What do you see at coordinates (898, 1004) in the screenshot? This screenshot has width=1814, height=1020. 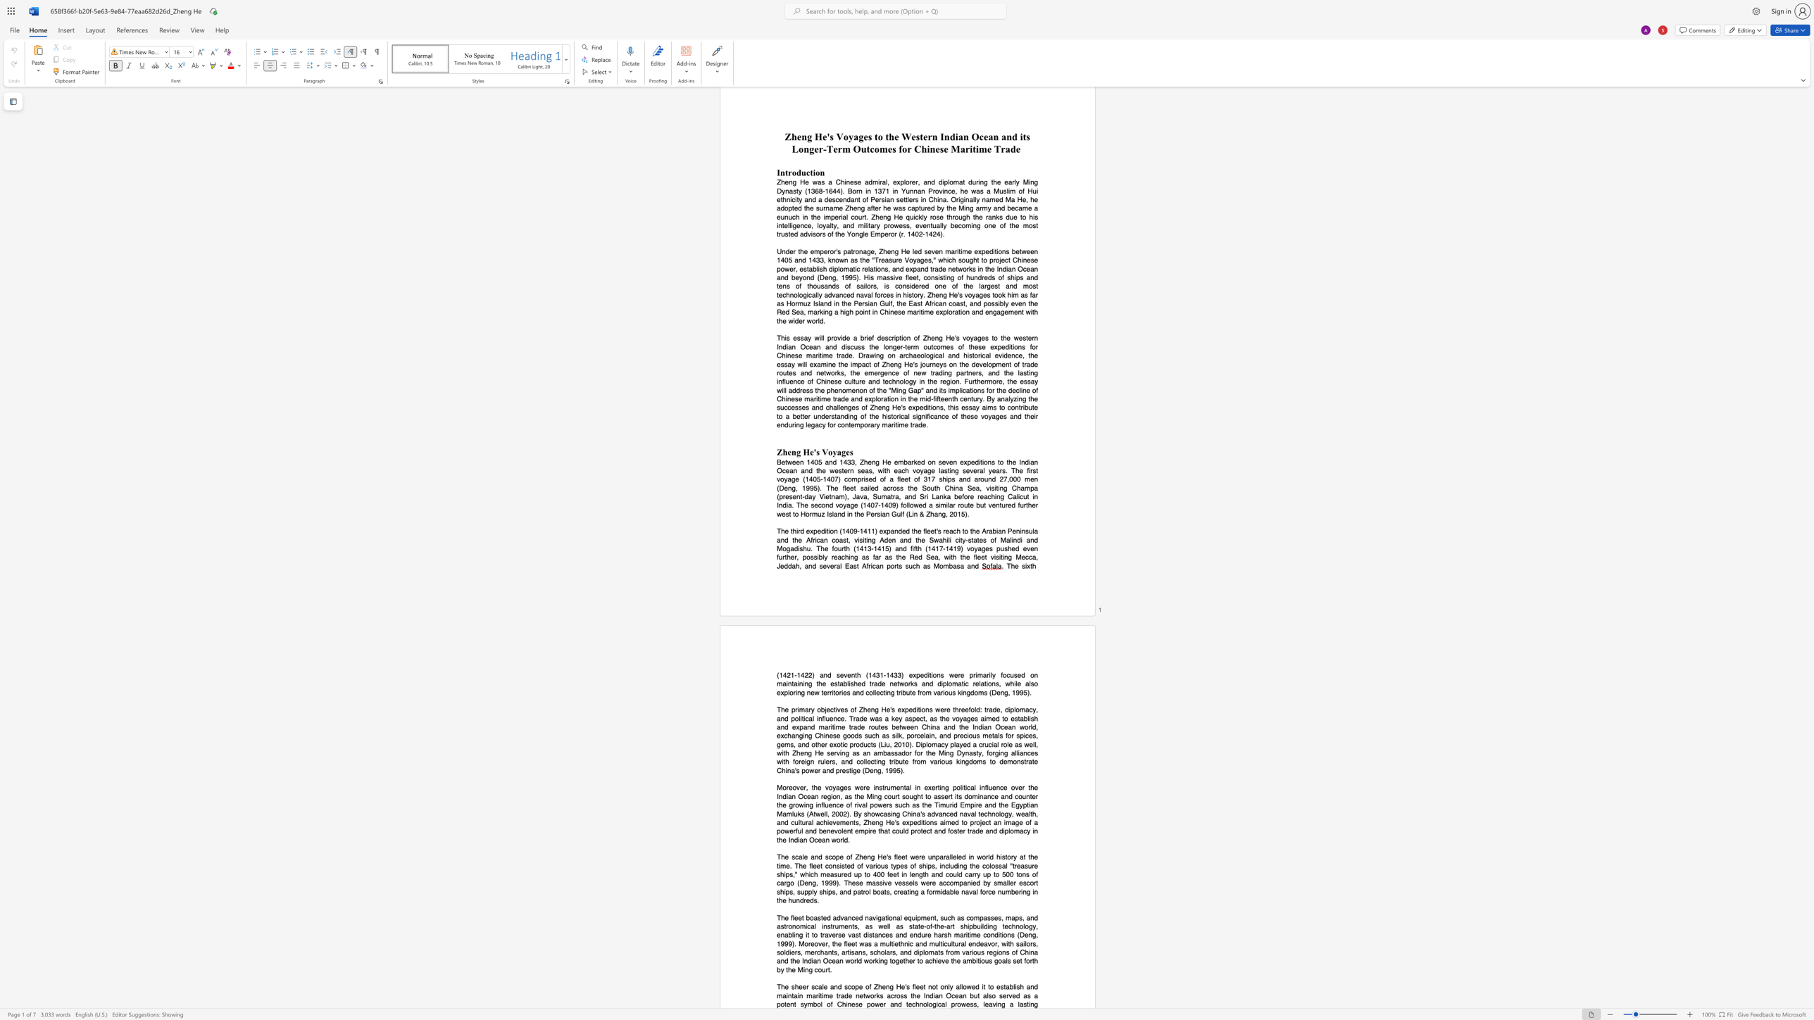 I see `the subset text "d technological prowe" within the text "and maintain maritime trade networks across the Indian Ocean but also served as a potent symbol of Chinese power and technological prowess, leaving"` at bounding box center [898, 1004].